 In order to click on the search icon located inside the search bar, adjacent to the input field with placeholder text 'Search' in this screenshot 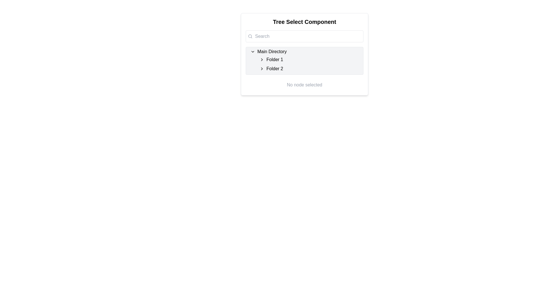, I will do `click(250, 36)`.